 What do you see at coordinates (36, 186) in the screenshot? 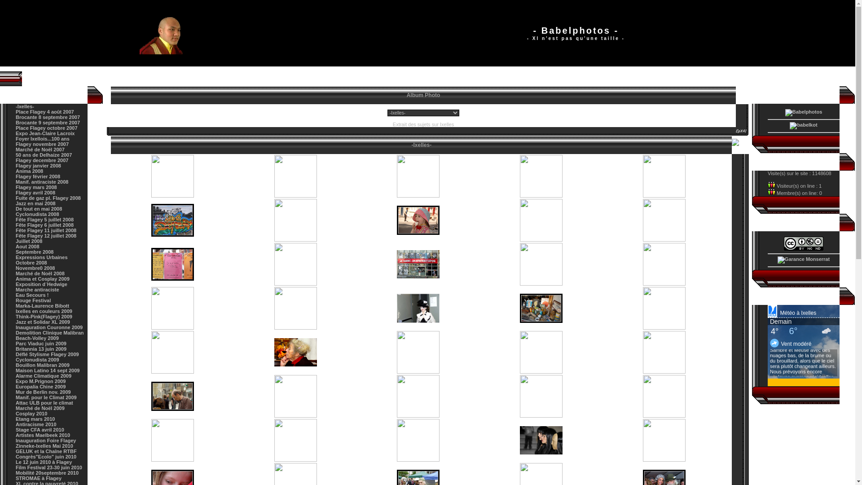
I see `'Flagey mars 2008'` at bounding box center [36, 186].